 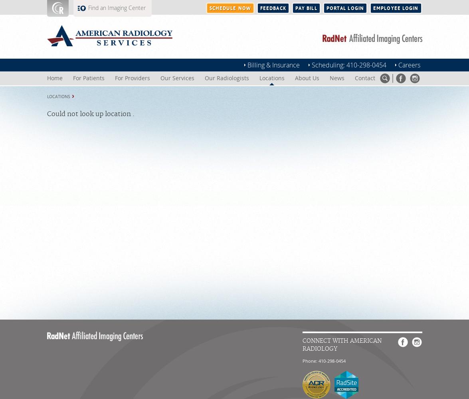 What do you see at coordinates (408, 65) in the screenshot?
I see `'Careers'` at bounding box center [408, 65].